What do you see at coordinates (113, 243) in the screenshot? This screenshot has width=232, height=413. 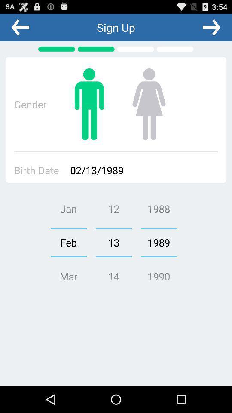 I see `13th date which is after feb on the page` at bounding box center [113, 243].